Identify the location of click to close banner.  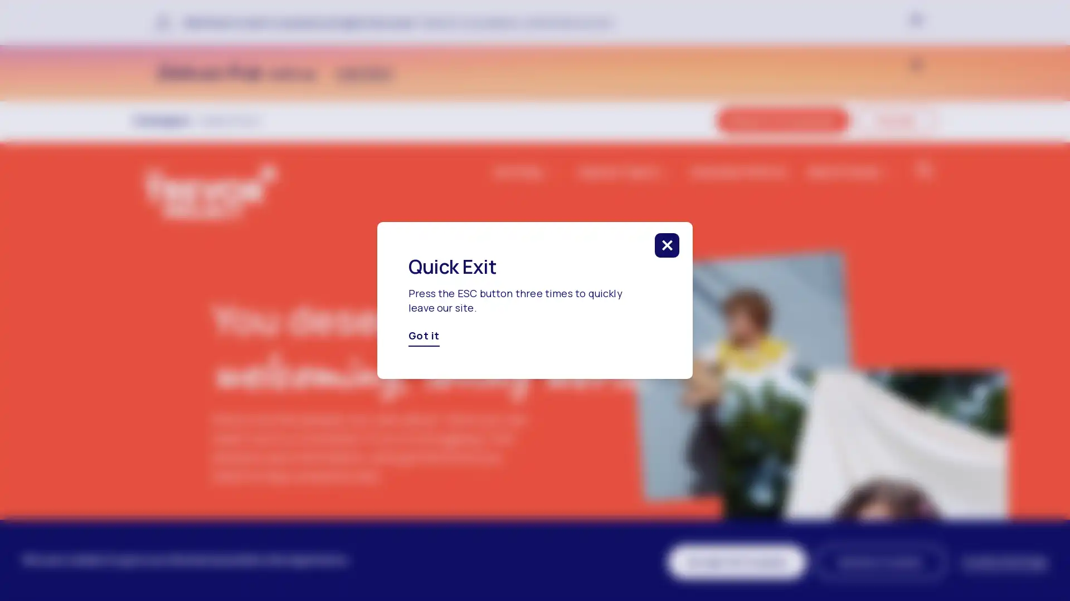
(916, 65).